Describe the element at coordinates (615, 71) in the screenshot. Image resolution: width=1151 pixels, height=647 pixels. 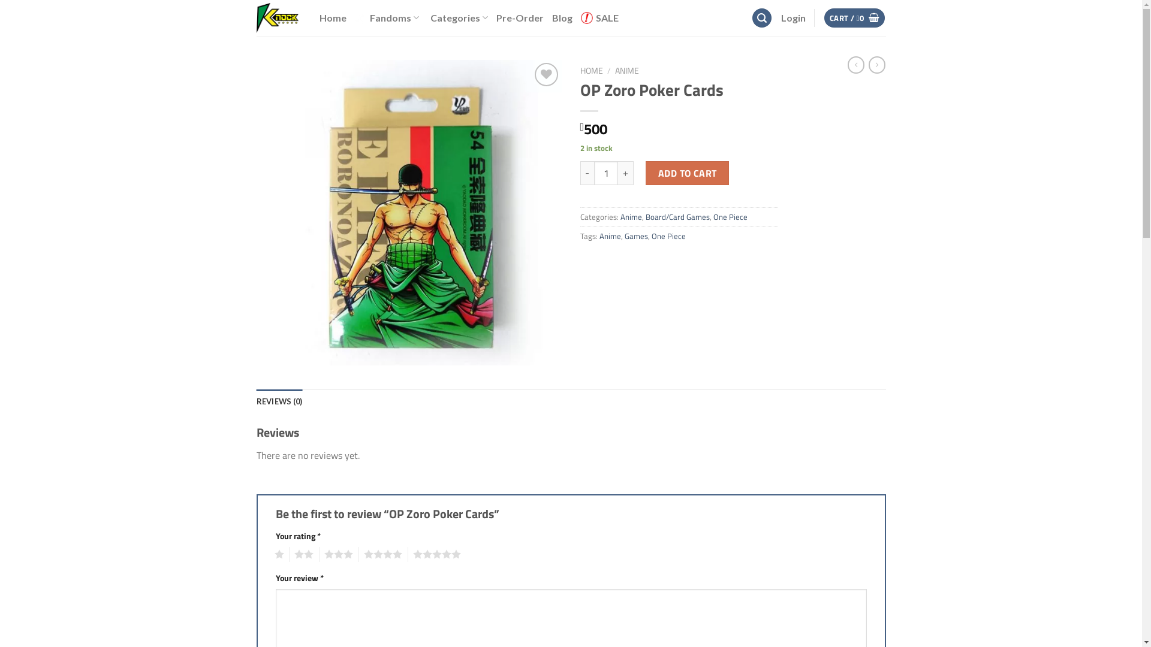
I see `'ANIME'` at that location.